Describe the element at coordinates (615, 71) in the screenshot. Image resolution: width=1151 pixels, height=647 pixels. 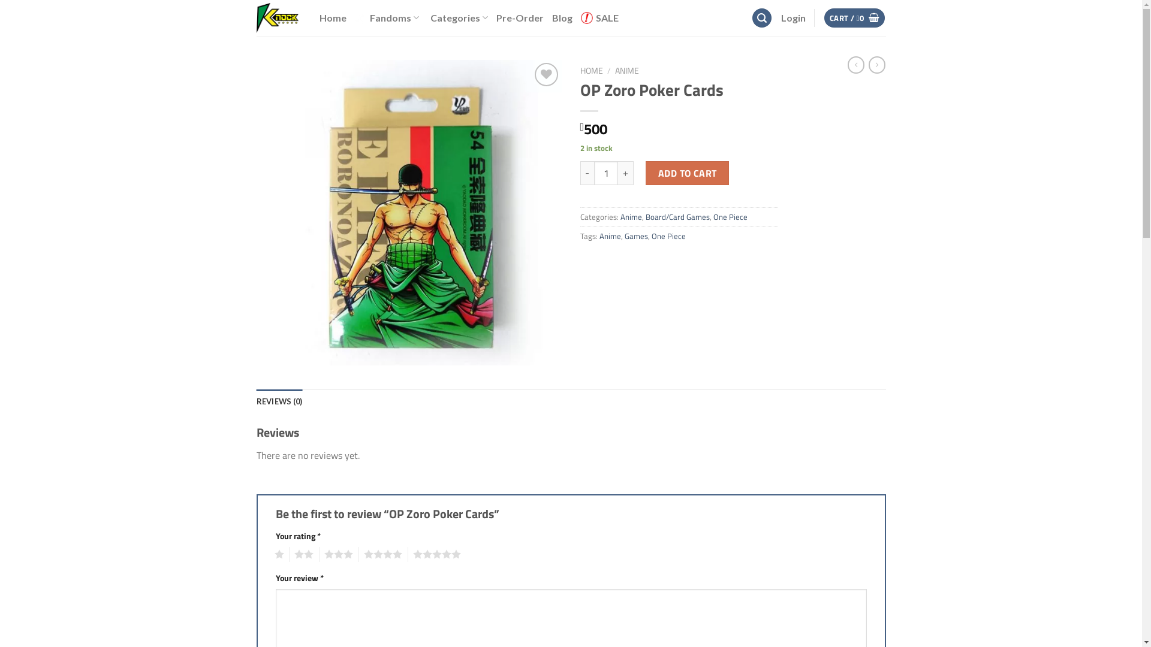
I see `'ANIME'` at that location.